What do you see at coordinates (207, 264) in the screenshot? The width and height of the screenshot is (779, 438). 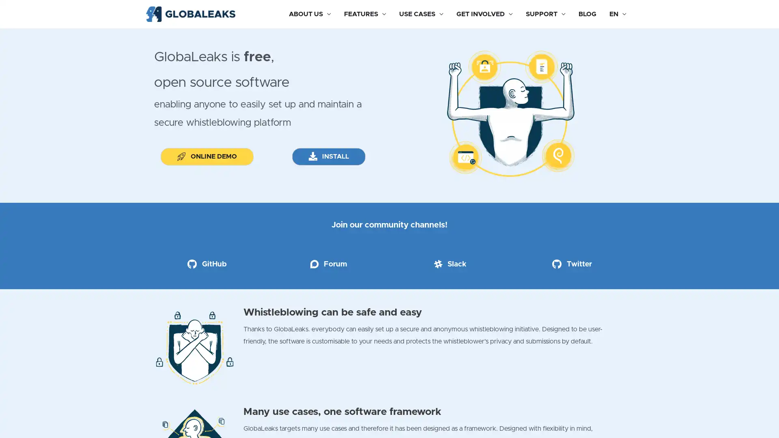 I see `GitHub` at bounding box center [207, 264].